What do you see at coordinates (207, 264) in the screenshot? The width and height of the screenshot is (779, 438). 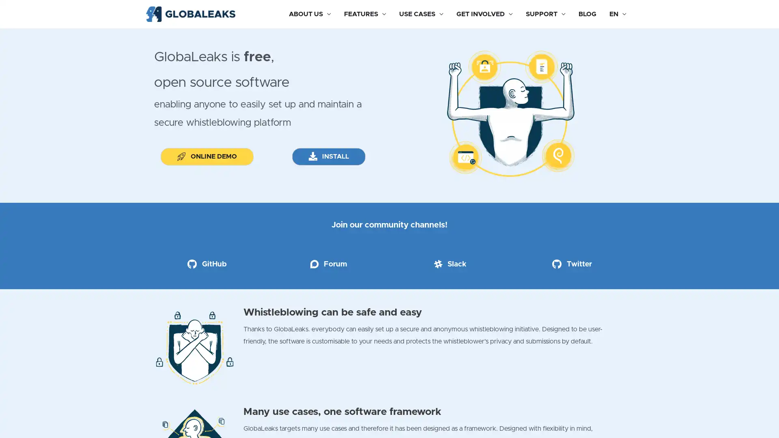 I see `GitHub` at bounding box center [207, 264].